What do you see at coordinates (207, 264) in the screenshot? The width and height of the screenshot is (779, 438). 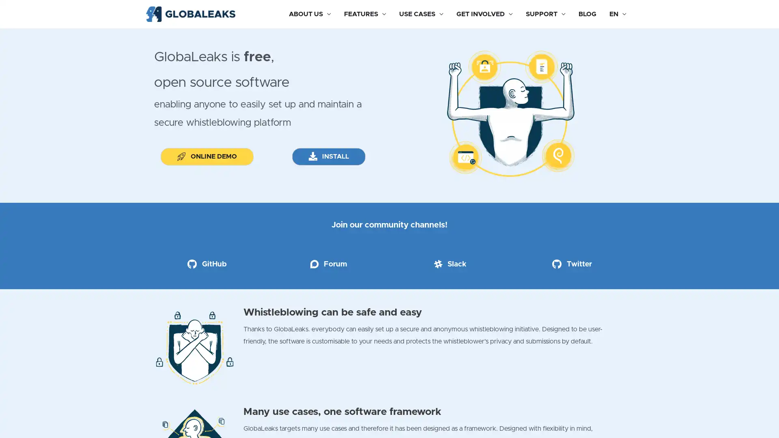 I see `GitHub` at bounding box center [207, 264].